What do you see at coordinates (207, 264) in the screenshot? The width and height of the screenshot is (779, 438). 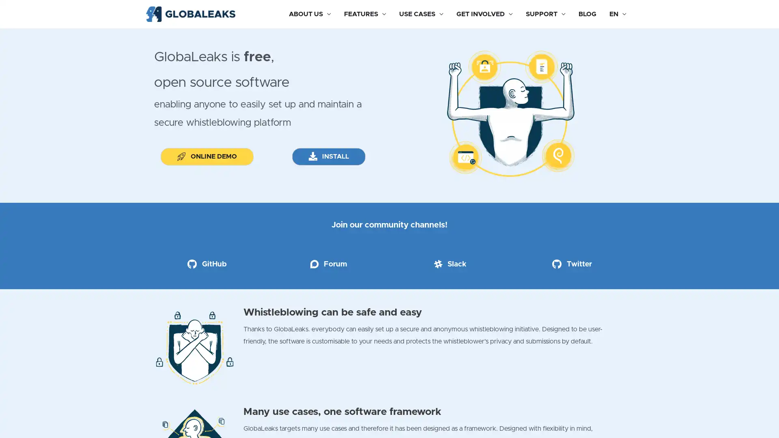 I see `GitHub` at bounding box center [207, 264].